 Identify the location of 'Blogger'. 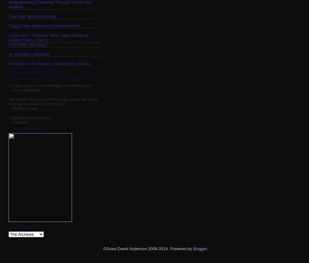
(193, 248).